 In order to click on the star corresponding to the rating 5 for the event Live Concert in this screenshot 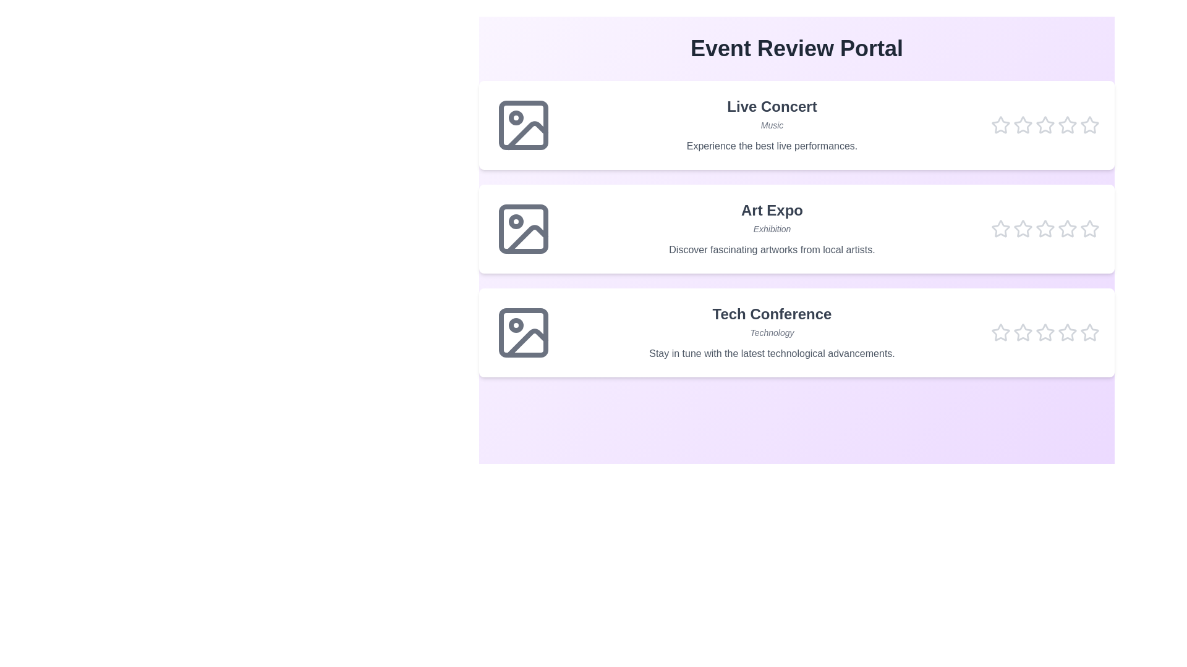, I will do `click(1089, 125)`.